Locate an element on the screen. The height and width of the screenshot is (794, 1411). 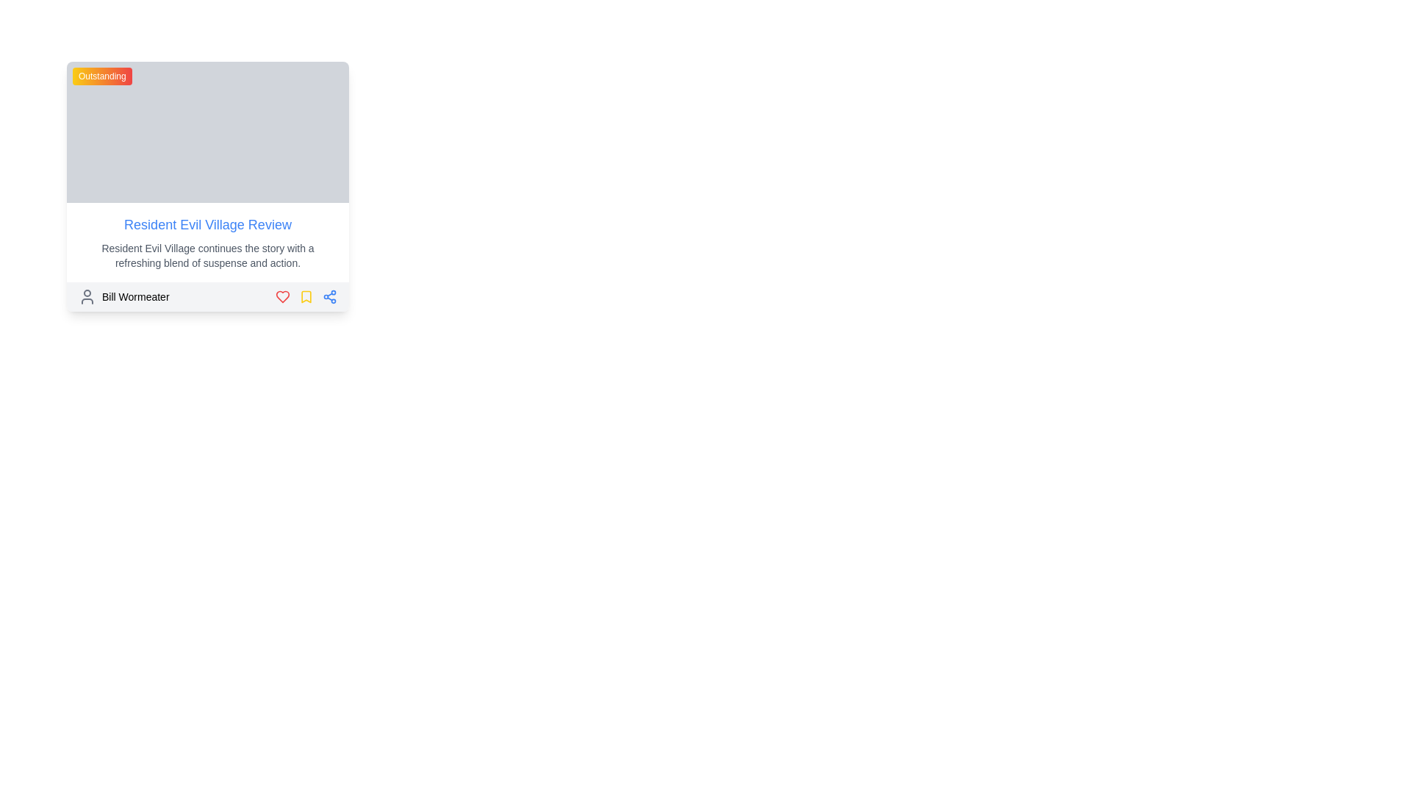
the bookmark-shaped icon with a yellow outline located at the bottom right of the card is located at coordinates (306, 297).